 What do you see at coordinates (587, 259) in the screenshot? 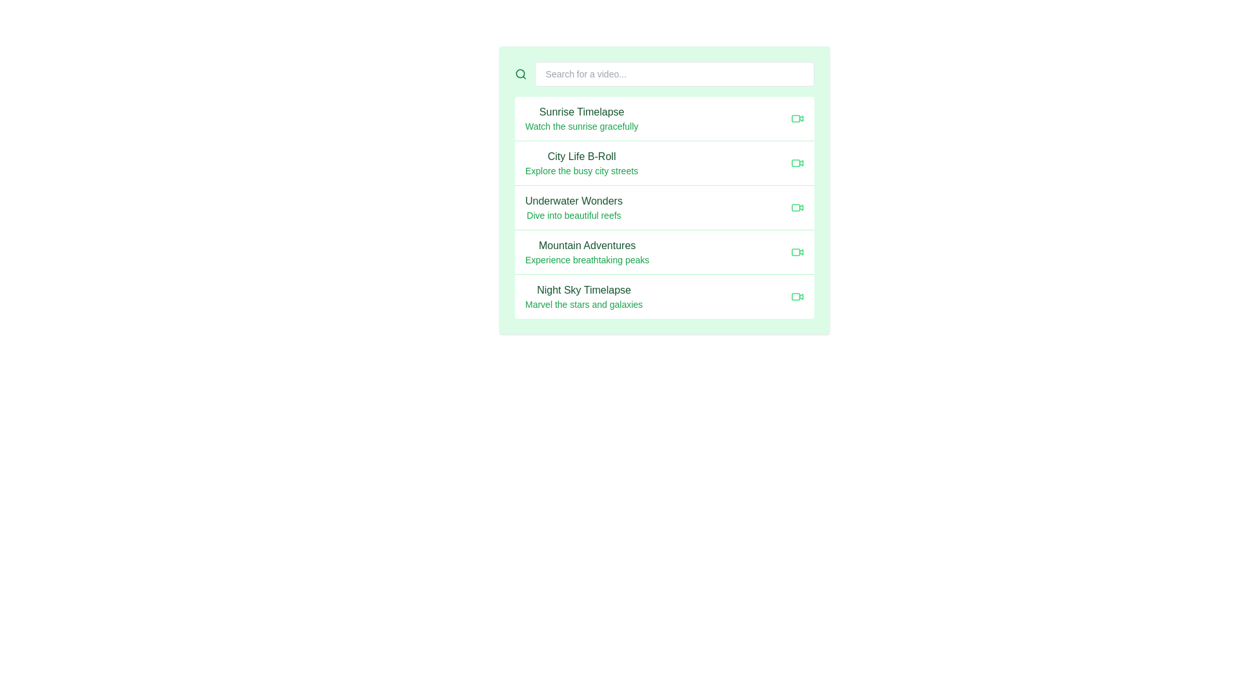
I see `descriptive text label located below the 'Mountain Adventures' title, which provides context about the section. This text label is static and serves as supplementary information` at bounding box center [587, 259].